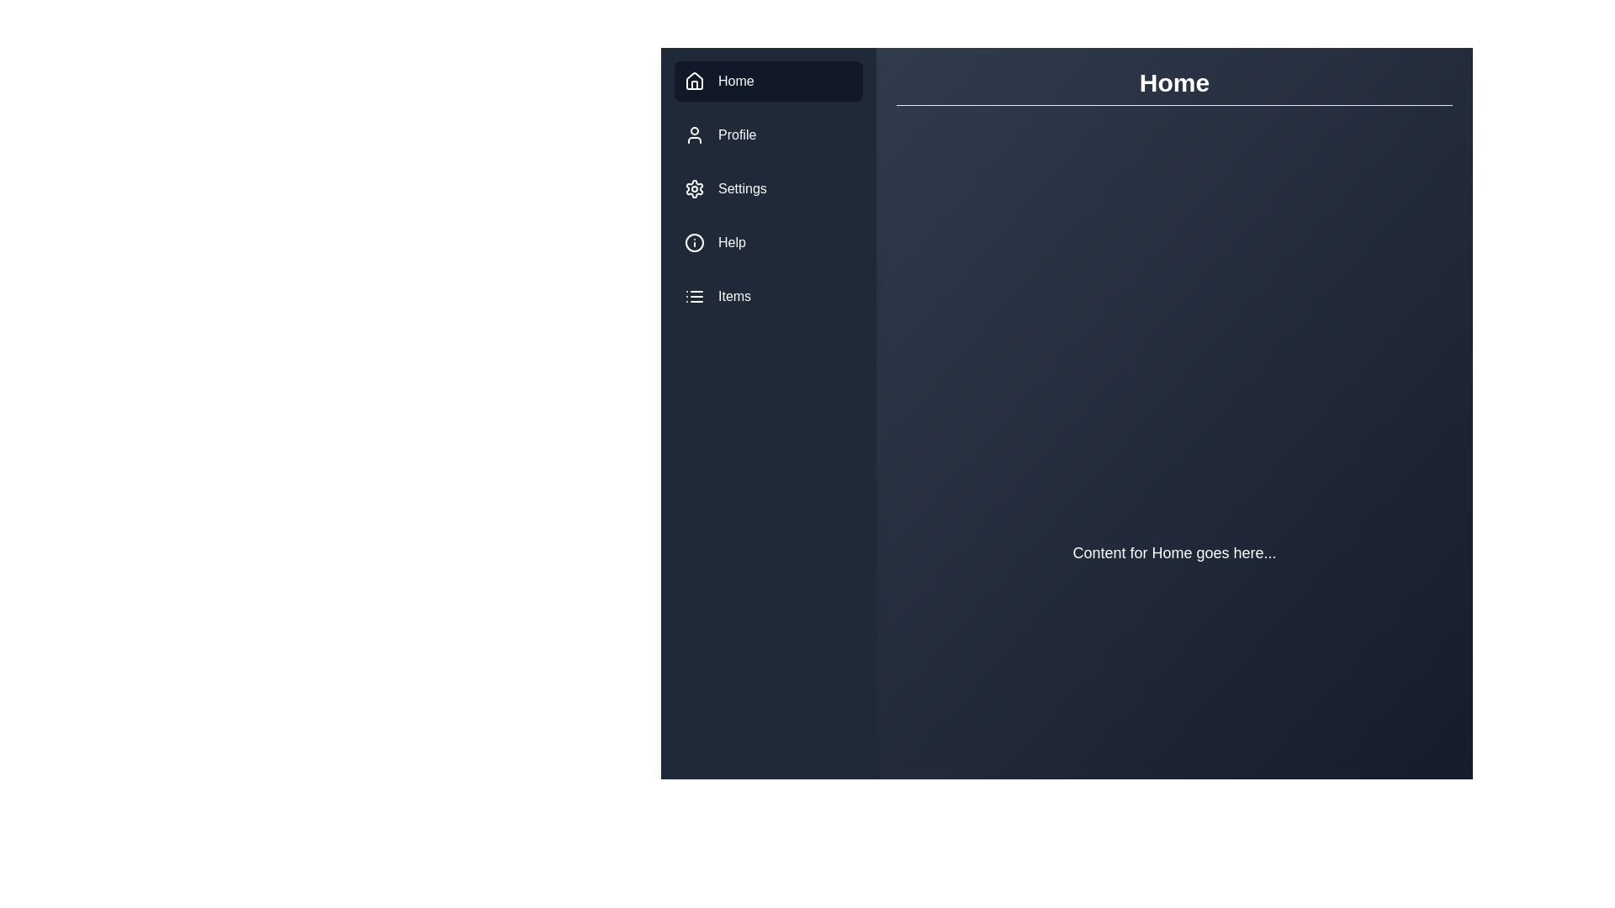 Image resolution: width=1615 pixels, height=908 pixels. I want to click on the menu item labeled Profile, so click(767, 135).